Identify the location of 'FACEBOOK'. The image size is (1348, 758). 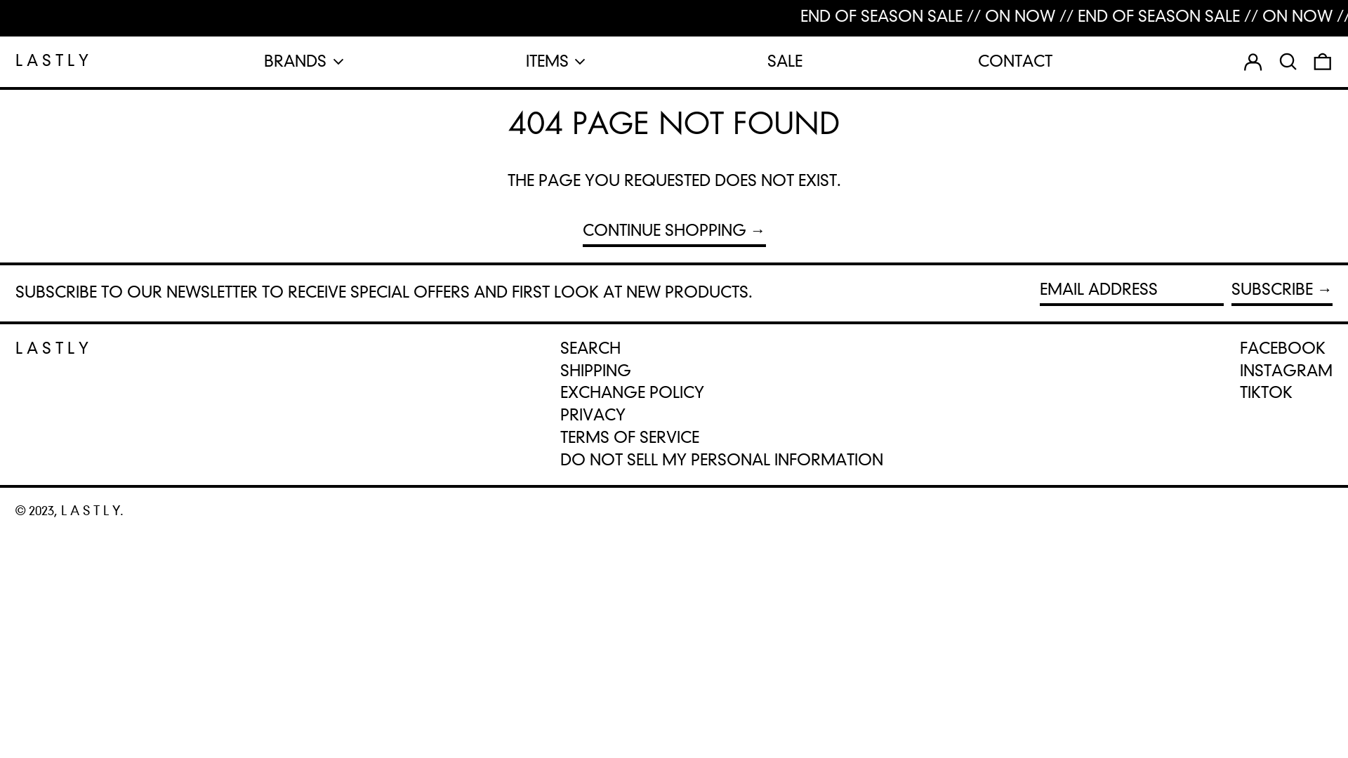
(1283, 348).